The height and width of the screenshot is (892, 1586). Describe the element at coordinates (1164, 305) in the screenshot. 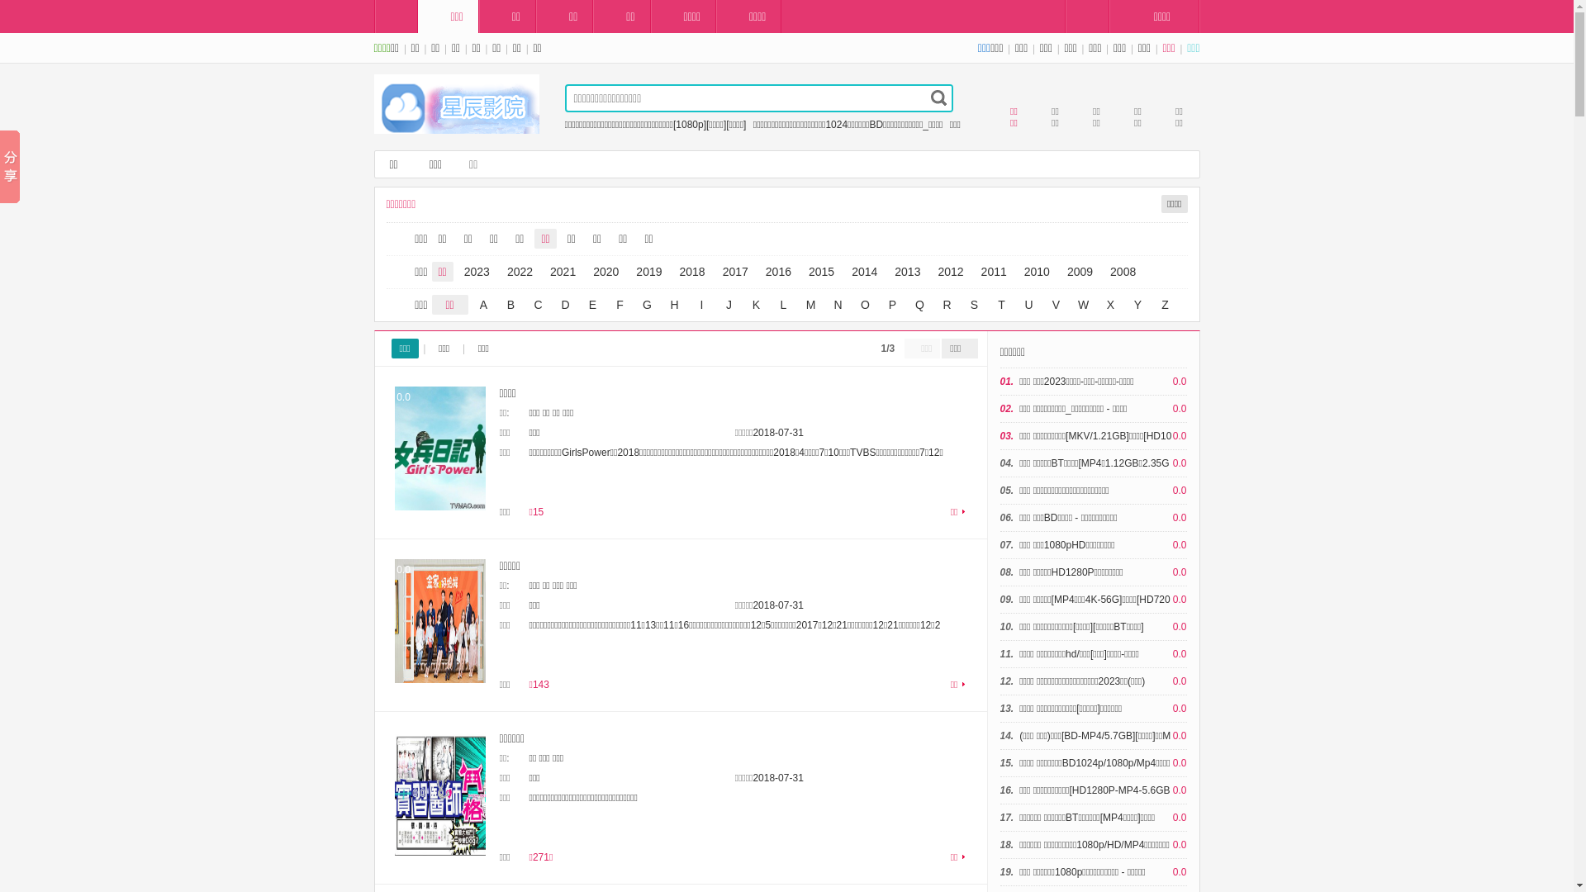

I see `'Z'` at that location.